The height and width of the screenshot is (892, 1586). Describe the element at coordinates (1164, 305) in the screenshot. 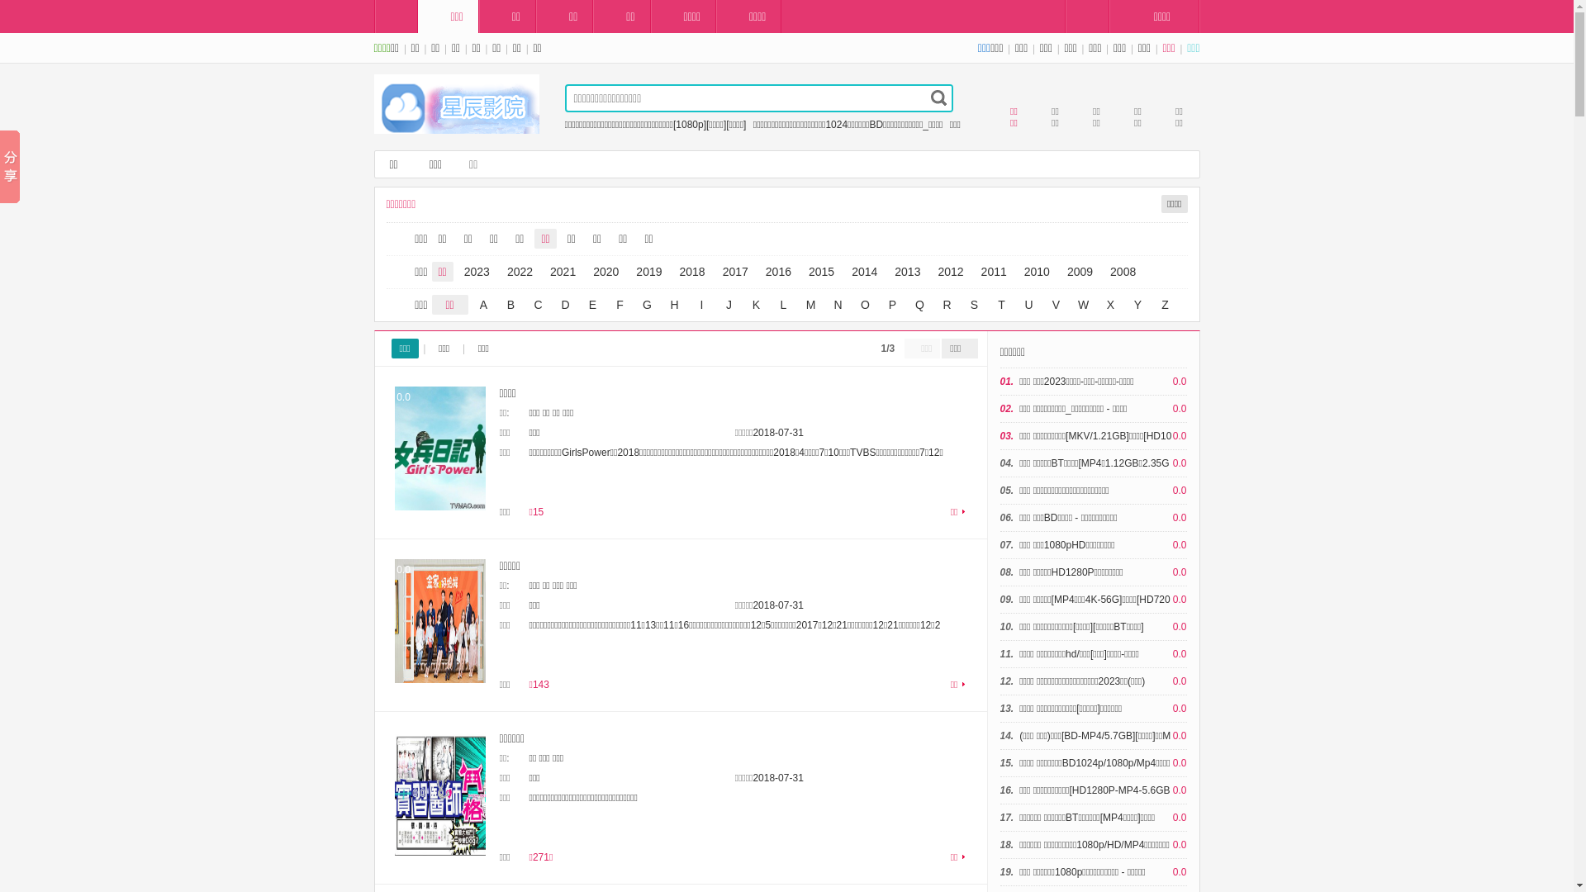

I see `'Z'` at that location.